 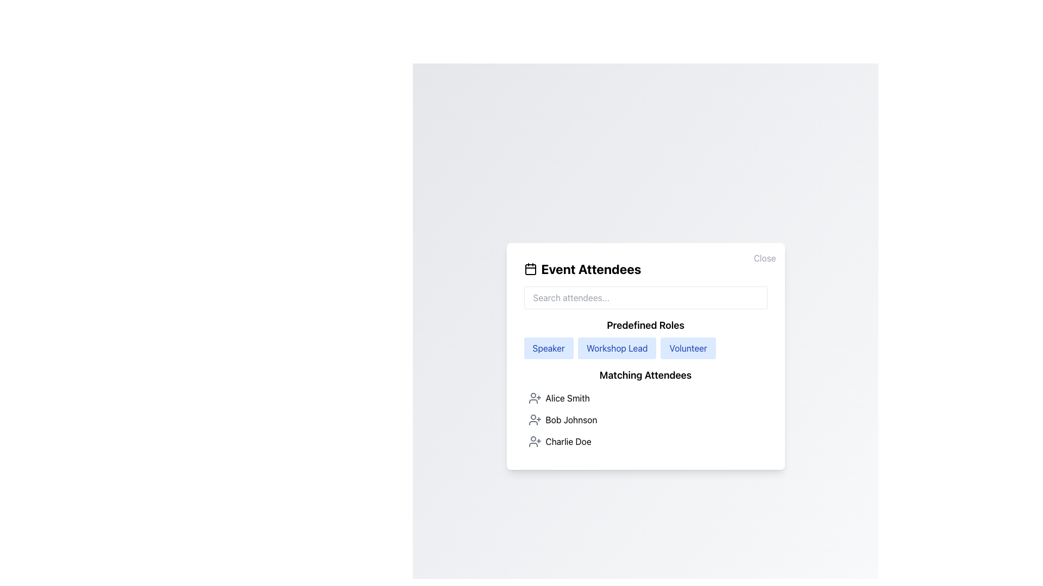 What do you see at coordinates (535, 419) in the screenshot?
I see `the small circular human silhouette icon with a plus symbol` at bounding box center [535, 419].